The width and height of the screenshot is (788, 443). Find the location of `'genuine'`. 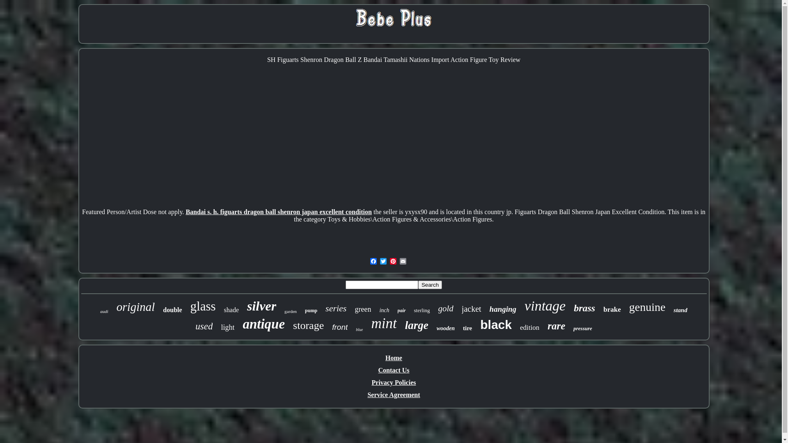

'genuine' is located at coordinates (647, 307).